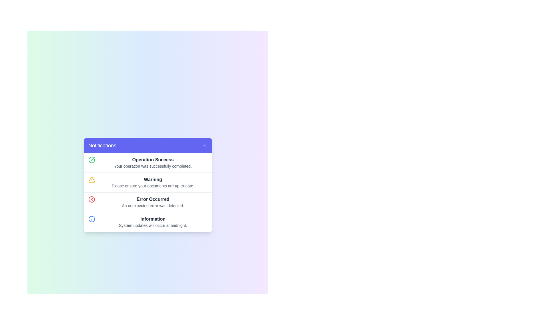 Image resolution: width=549 pixels, height=309 pixels. Describe the element at coordinates (93, 159) in the screenshot. I see `the green circular icon containing the checkmark, which is the first icon on the left of the 'Operation Success' notification` at that location.